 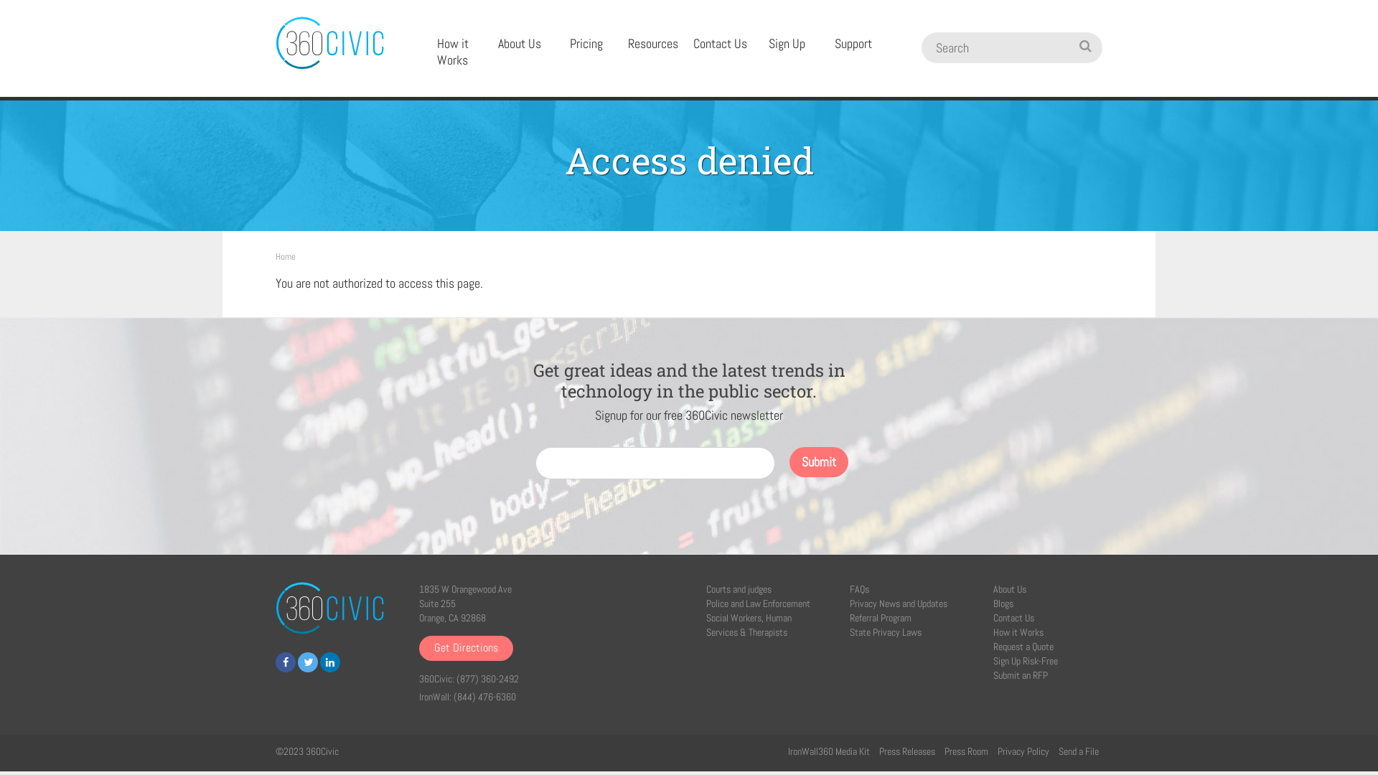 I want to click on 'Sign Up', so click(x=786, y=43).